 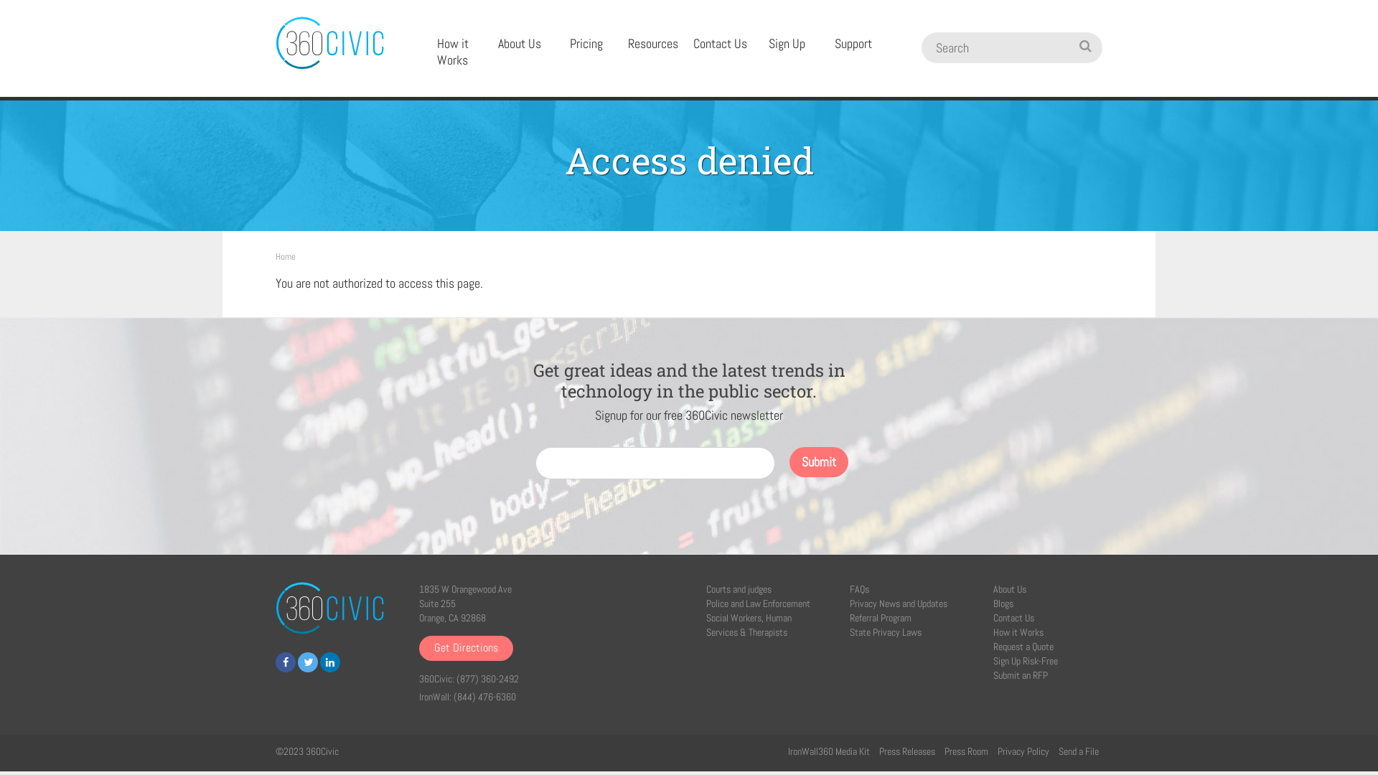 I want to click on 'Sign Up', so click(x=786, y=43).